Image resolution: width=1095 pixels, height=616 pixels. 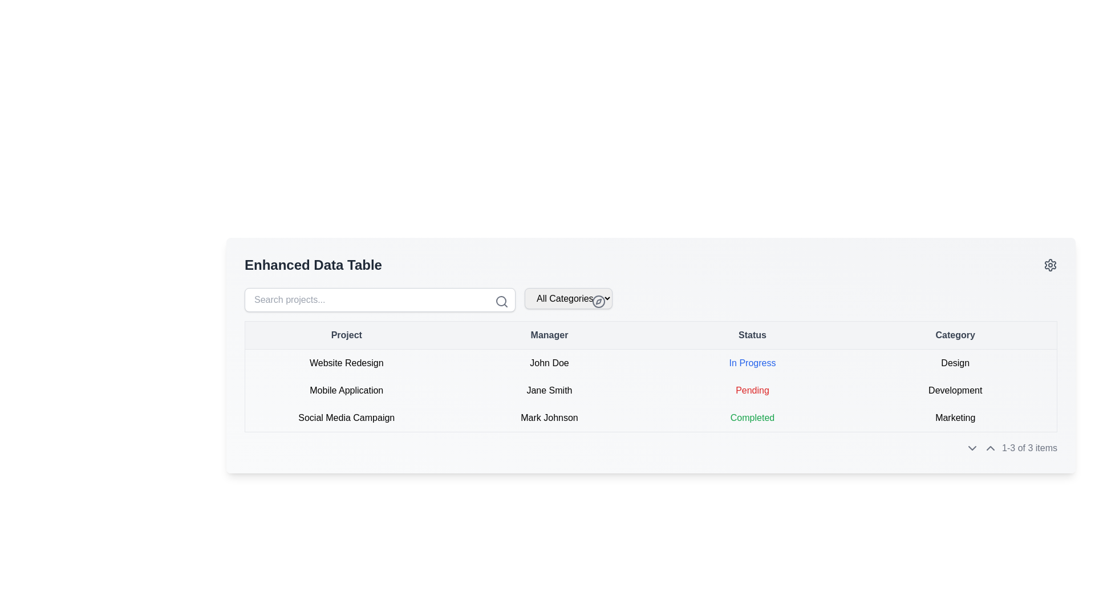 I want to click on the text element displaying '1-3 of 3 items' located in the bottom-right corner of the interface, so click(x=1029, y=448).